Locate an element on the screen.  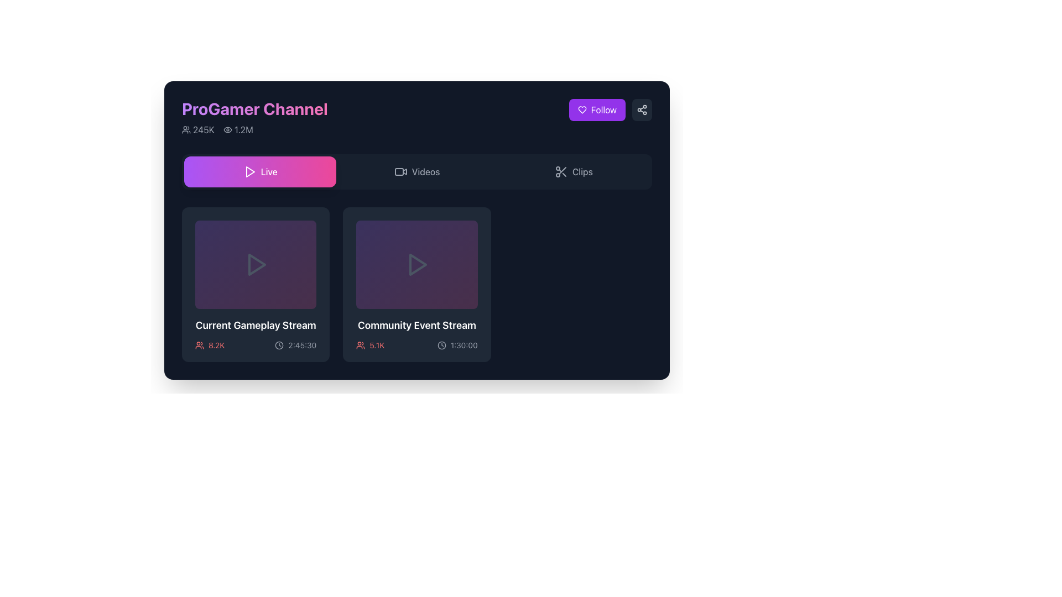
the 'Play' icon, a triangular glyph located in the second row and second column of the 'Community Event Stream' section for accessibility interaction is located at coordinates (417, 264).